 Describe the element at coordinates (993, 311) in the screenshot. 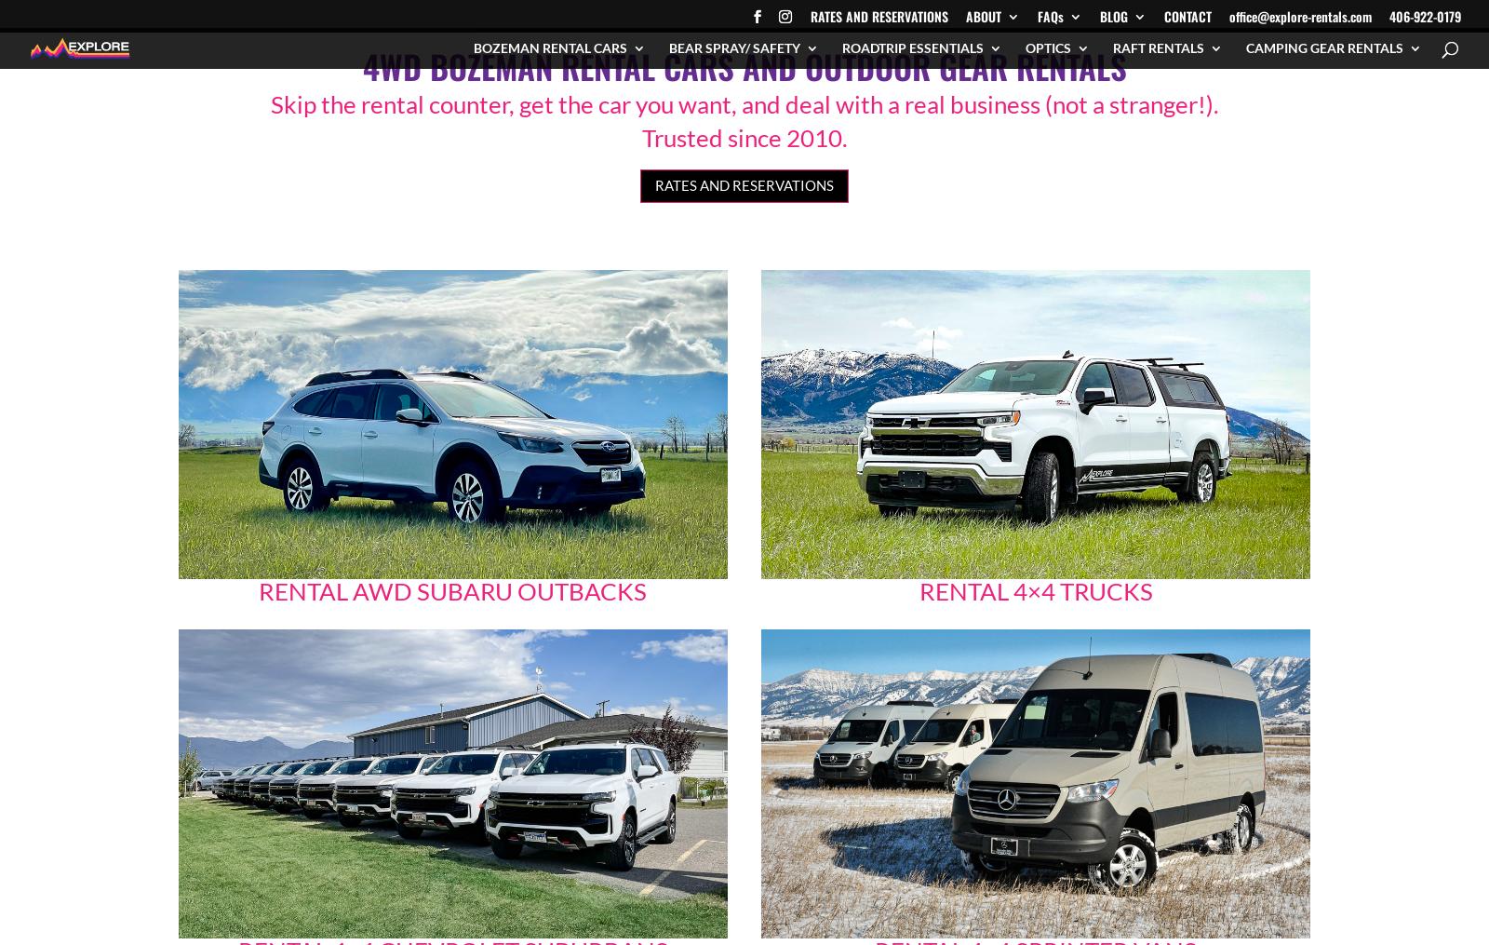

I see `'Car Rental Policies'` at that location.